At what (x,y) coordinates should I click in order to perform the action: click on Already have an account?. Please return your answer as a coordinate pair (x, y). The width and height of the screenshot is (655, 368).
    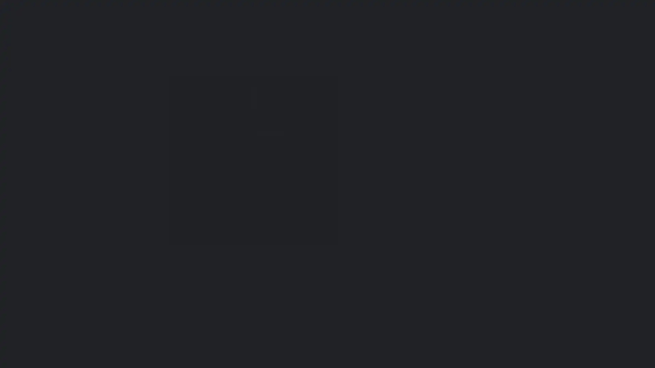
    Looking at the image, I should click on (207, 237).